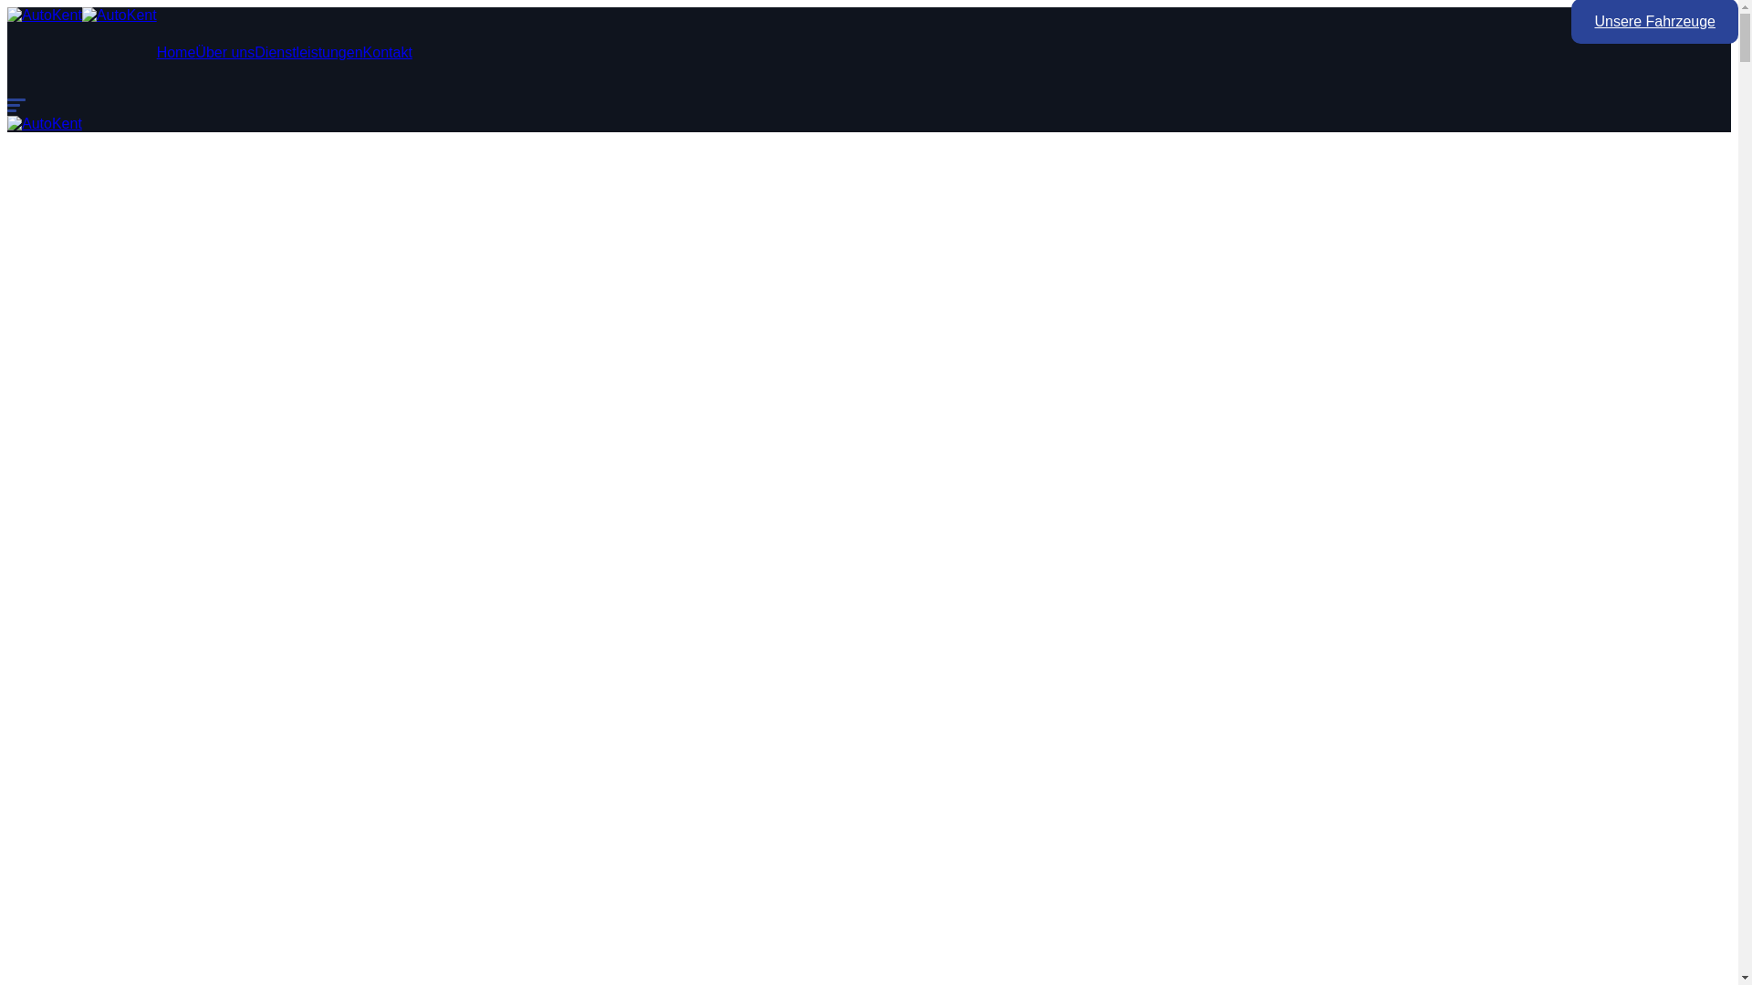 The width and height of the screenshot is (1752, 985). Describe the element at coordinates (387, 51) in the screenshot. I see `'Kontakt'` at that location.